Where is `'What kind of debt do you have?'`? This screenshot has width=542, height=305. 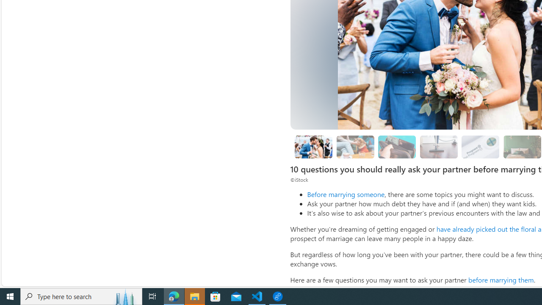
'What kind of debt do you have?' is located at coordinates (396, 147).